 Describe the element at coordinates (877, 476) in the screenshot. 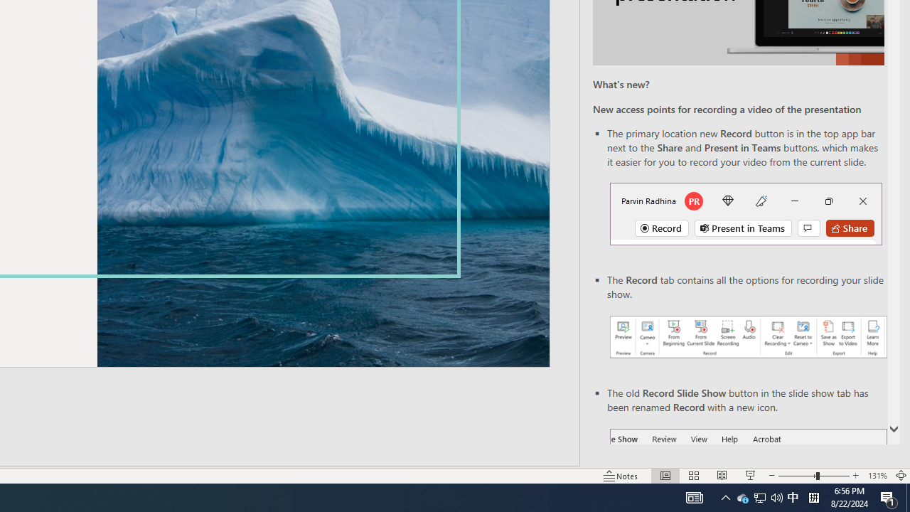

I see `'Zoom 131%'` at that location.